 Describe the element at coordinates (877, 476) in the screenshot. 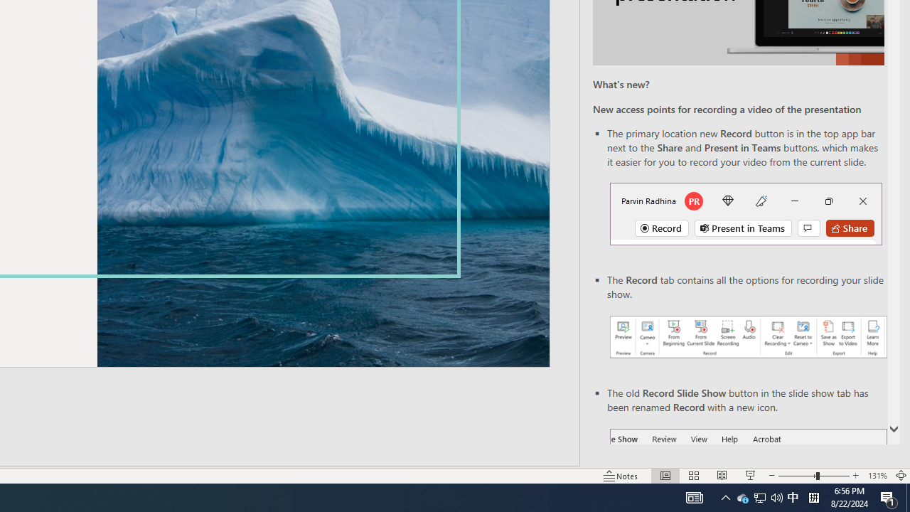

I see `'Zoom 131%'` at that location.